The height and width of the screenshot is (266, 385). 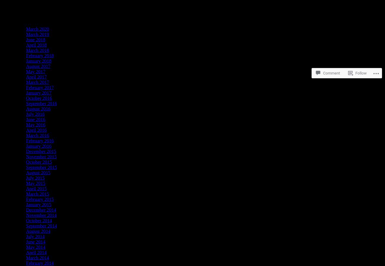 What do you see at coordinates (39, 87) in the screenshot?
I see `'February 2017'` at bounding box center [39, 87].